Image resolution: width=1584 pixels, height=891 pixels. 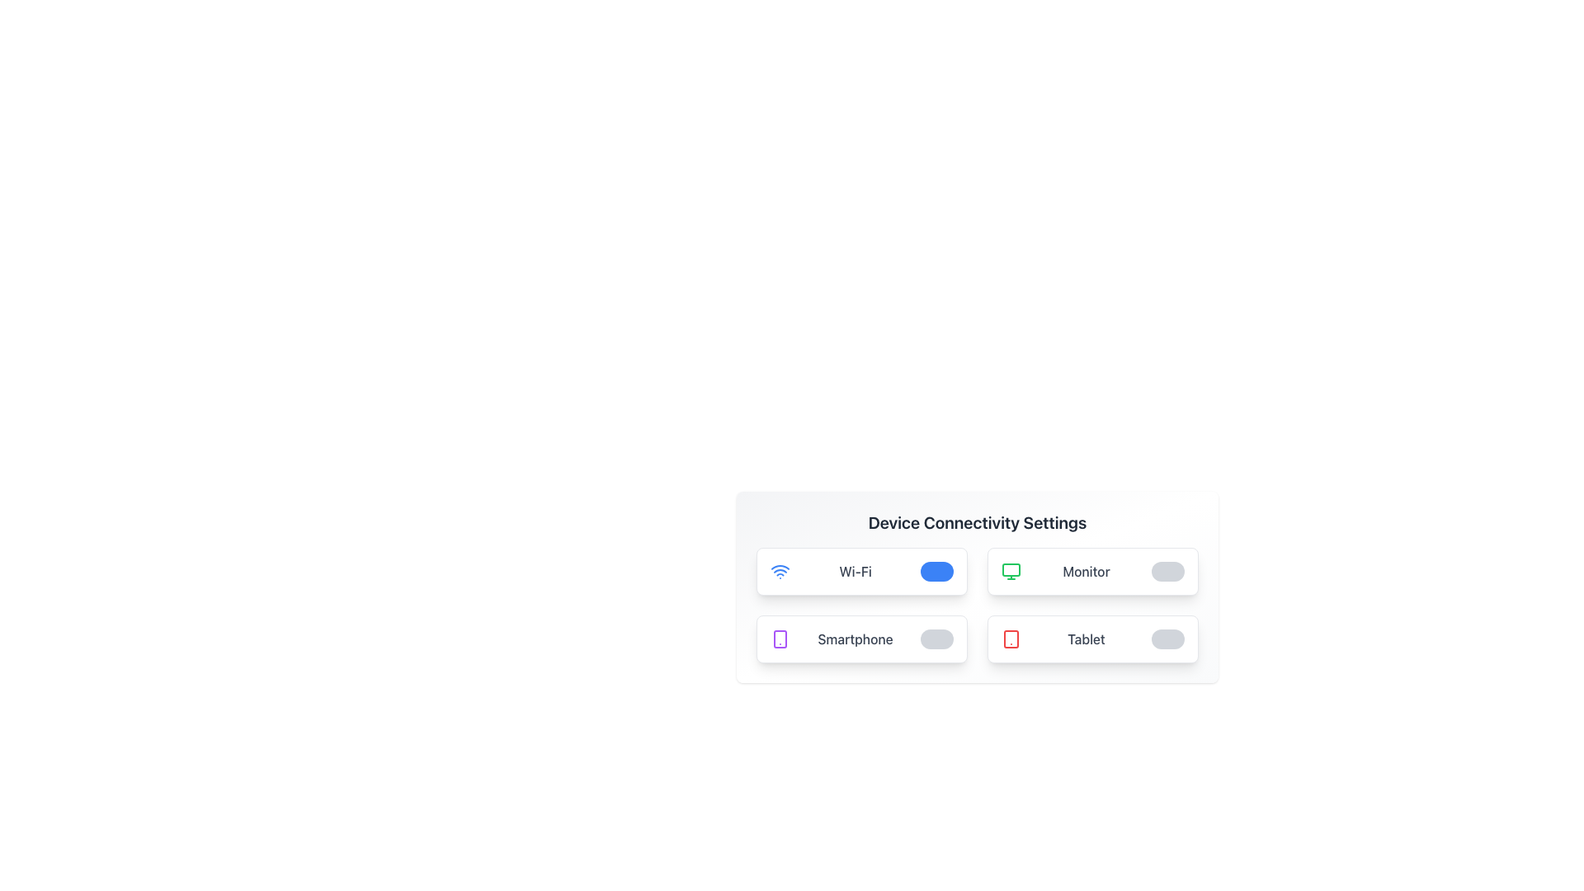 I want to click on the toggle switch located in the 'Monitor' section of the 'Device Connectivity Settings' to change its state, so click(x=1167, y=571).